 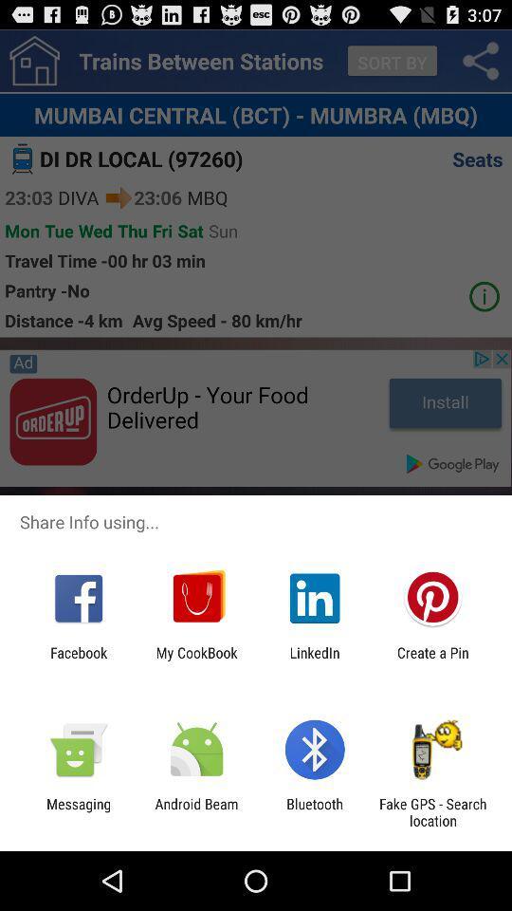 What do you see at coordinates (315, 811) in the screenshot?
I see `bluetooth` at bounding box center [315, 811].